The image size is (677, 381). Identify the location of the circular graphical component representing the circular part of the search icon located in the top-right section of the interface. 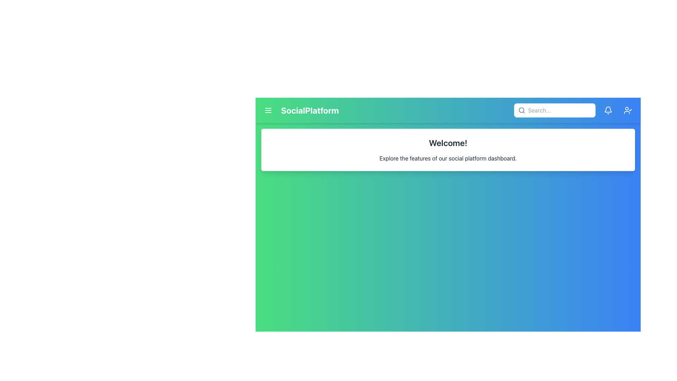
(522, 110).